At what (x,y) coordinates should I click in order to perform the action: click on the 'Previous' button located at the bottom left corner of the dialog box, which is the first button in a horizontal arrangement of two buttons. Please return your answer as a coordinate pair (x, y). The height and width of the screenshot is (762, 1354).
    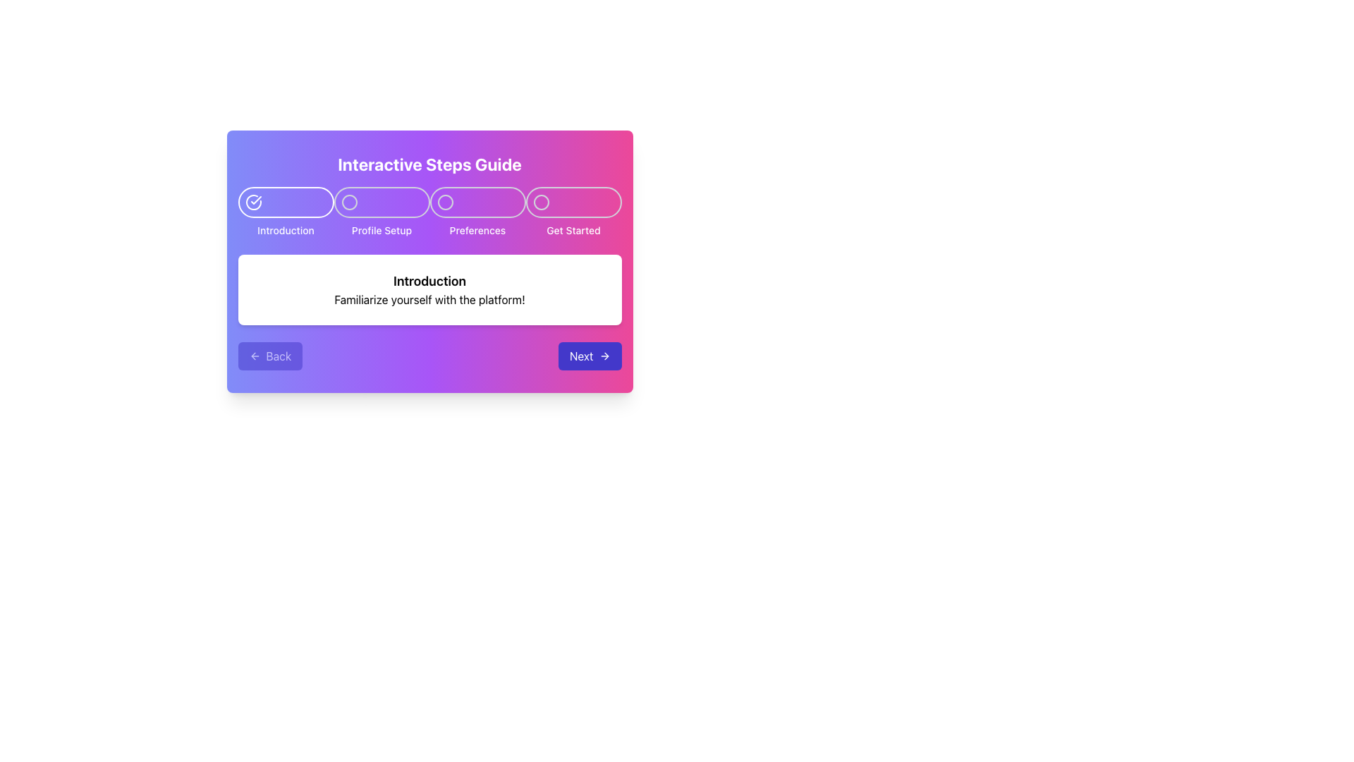
    Looking at the image, I should click on (270, 356).